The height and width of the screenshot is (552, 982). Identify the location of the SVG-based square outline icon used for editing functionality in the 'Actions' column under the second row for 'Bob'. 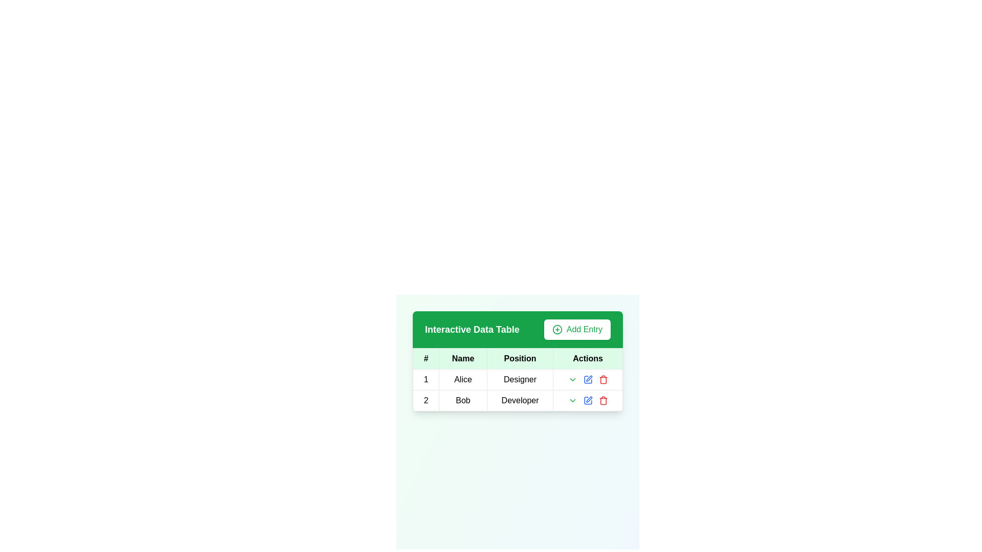
(588, 380).